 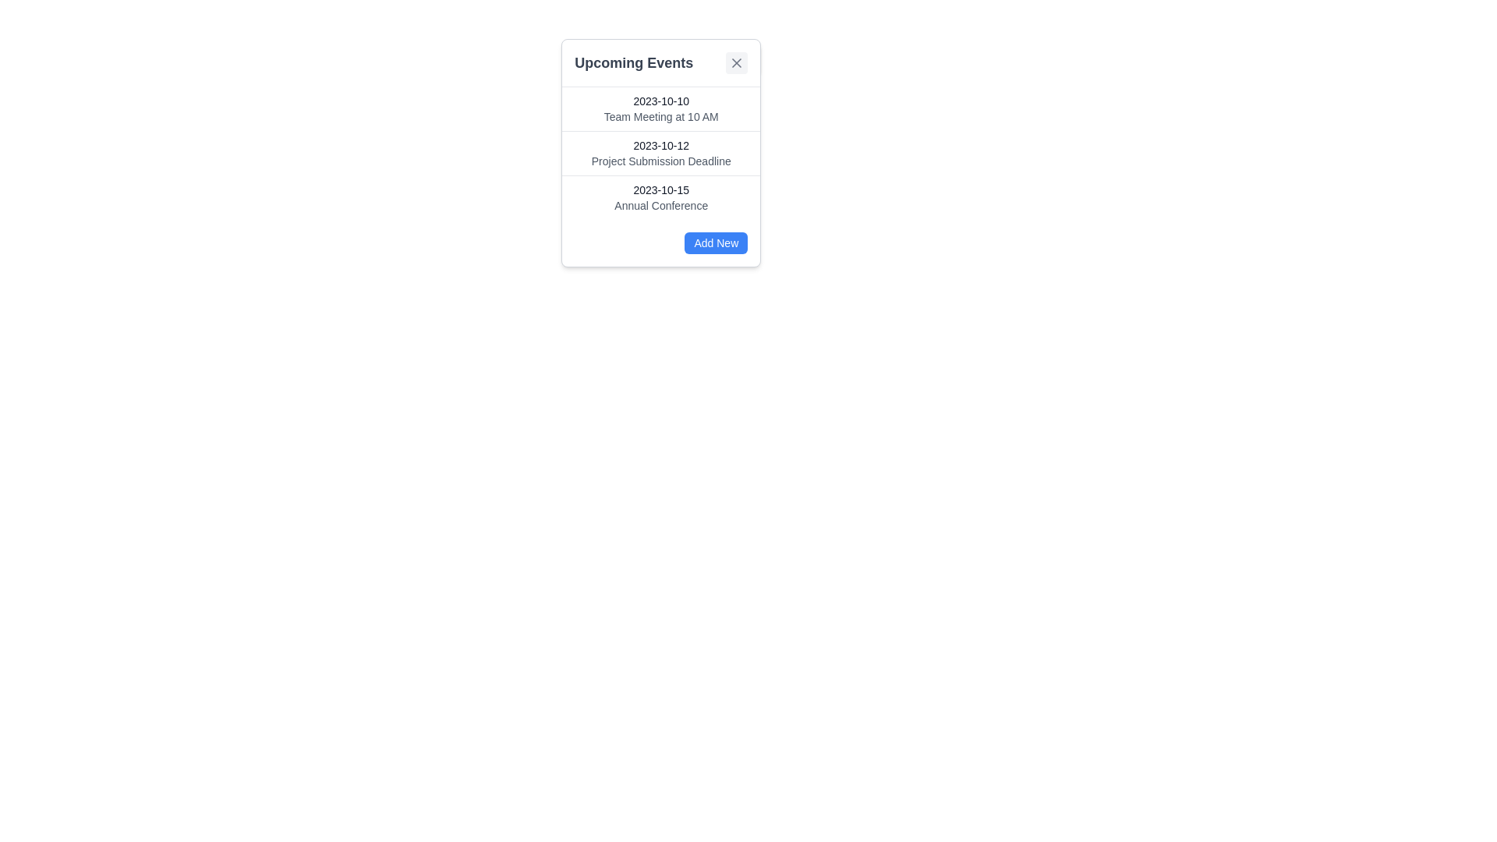 What do you see at coordinates (661, 153) in the screenshot?
I see `the text block displaying the event 'Project Submission Deadline on 2023-10-12' within the 'Upcoming Events' card` at bounding box center [661, 153].